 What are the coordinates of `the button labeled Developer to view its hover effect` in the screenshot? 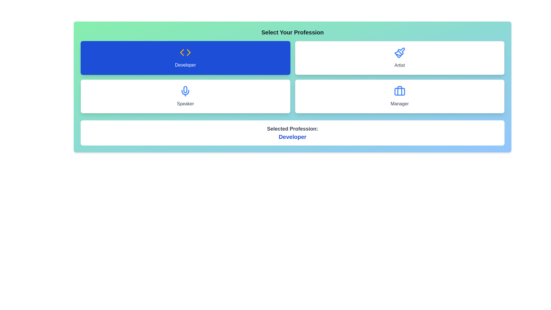 It's located at (185, 58).